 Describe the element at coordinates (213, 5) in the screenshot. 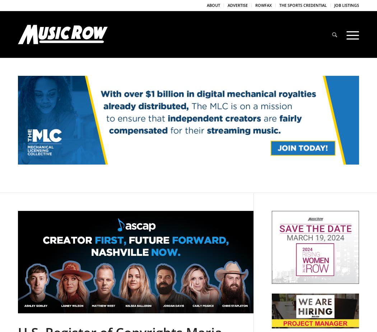

I see `'ABOUT'` at that location.